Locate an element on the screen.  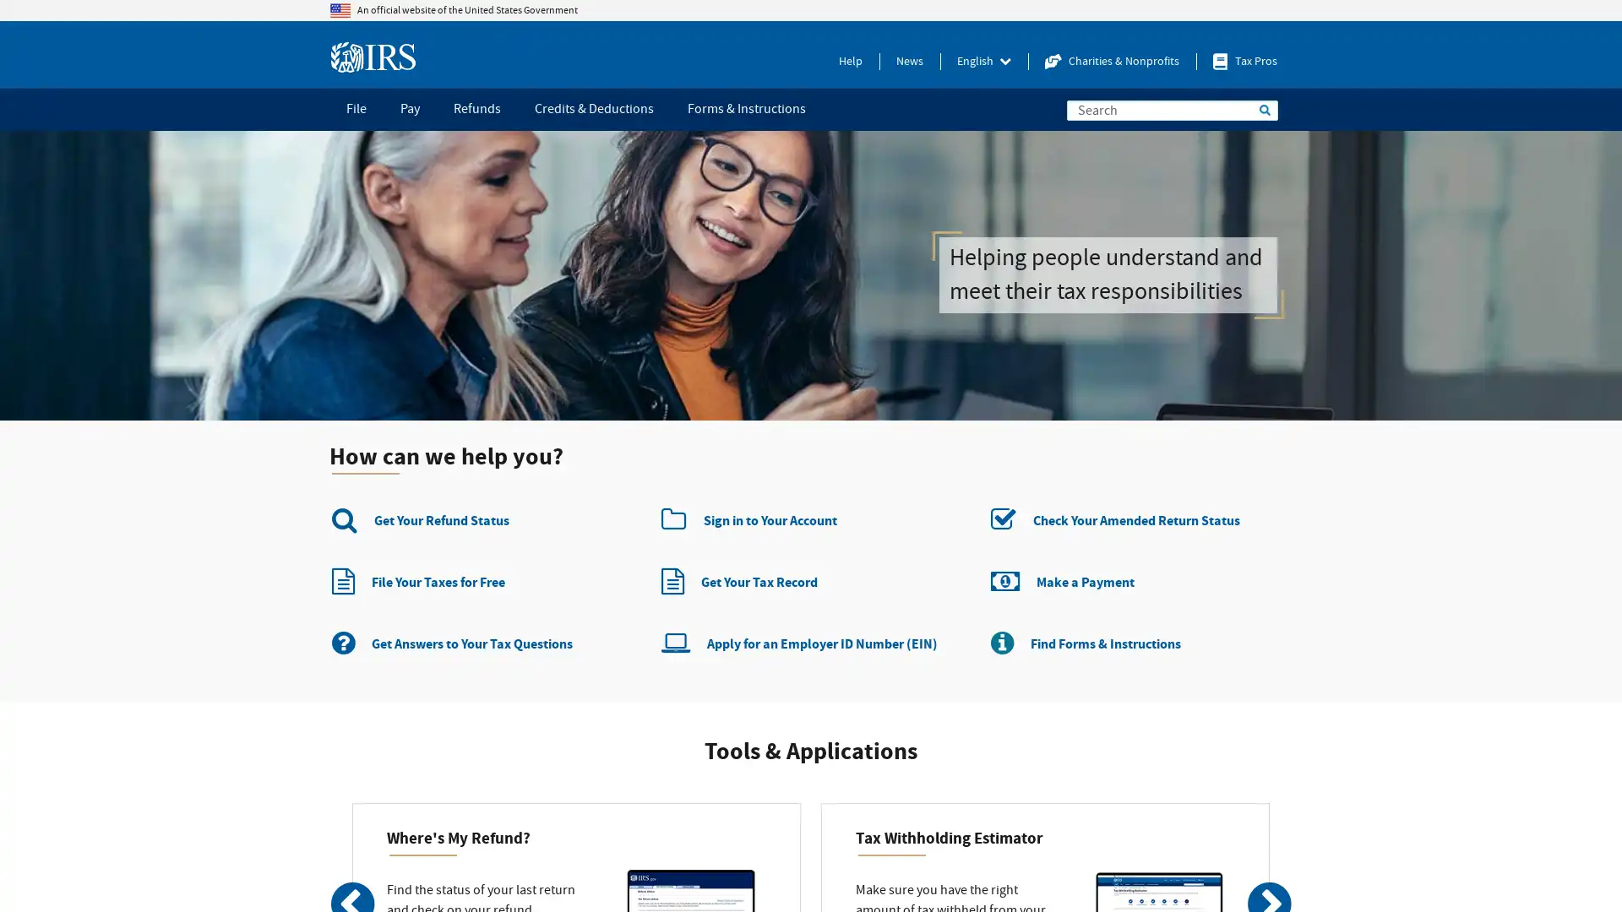
Search is located at coordinates (1265, 110).